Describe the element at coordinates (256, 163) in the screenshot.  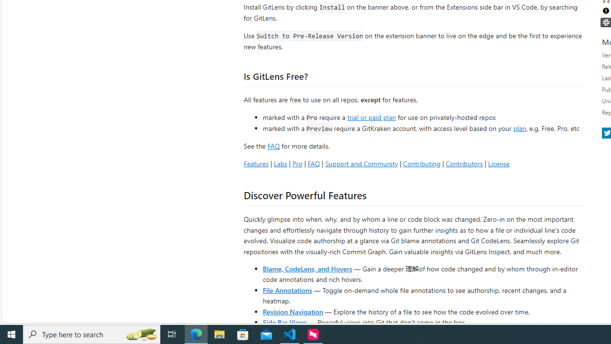
I see `'Features'` at that location.